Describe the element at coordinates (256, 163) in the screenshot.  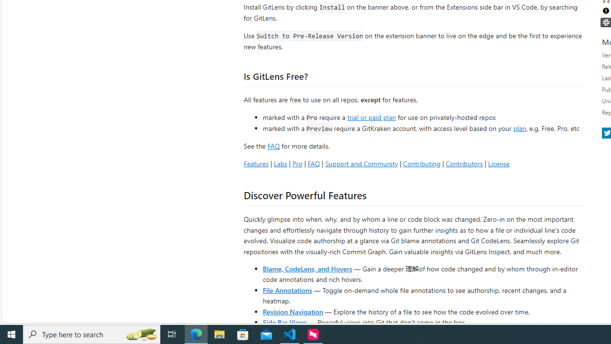
I see `'Features'` at that location.